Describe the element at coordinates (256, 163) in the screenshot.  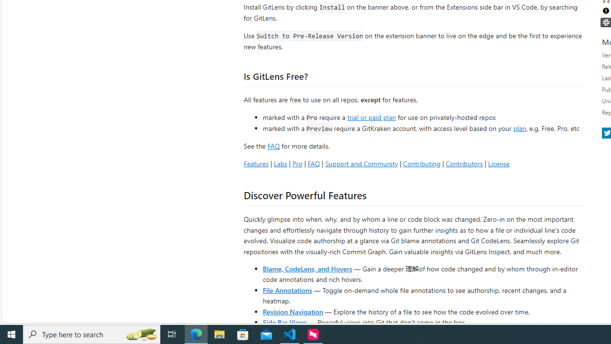
I see `'Features'` at that location.